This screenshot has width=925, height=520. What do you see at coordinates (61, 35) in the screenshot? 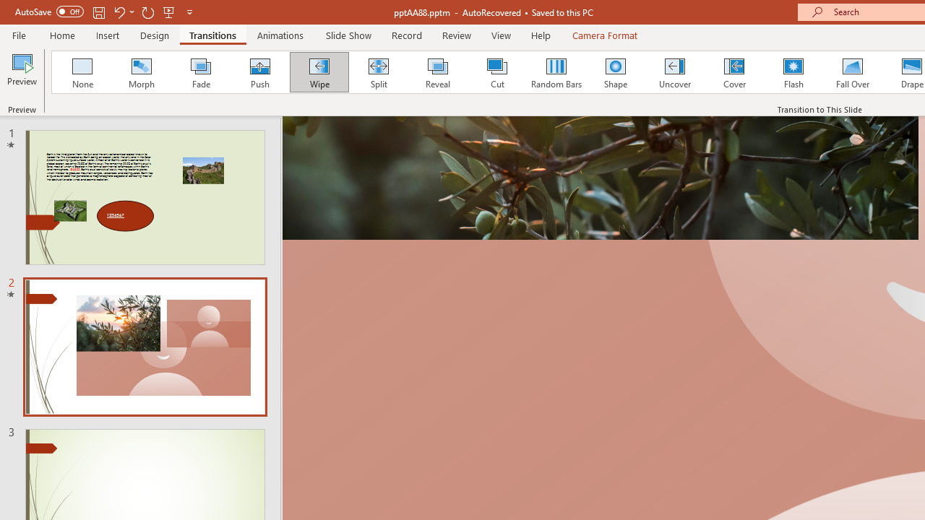
I see `'Home'` at bounding box center [61, 35].